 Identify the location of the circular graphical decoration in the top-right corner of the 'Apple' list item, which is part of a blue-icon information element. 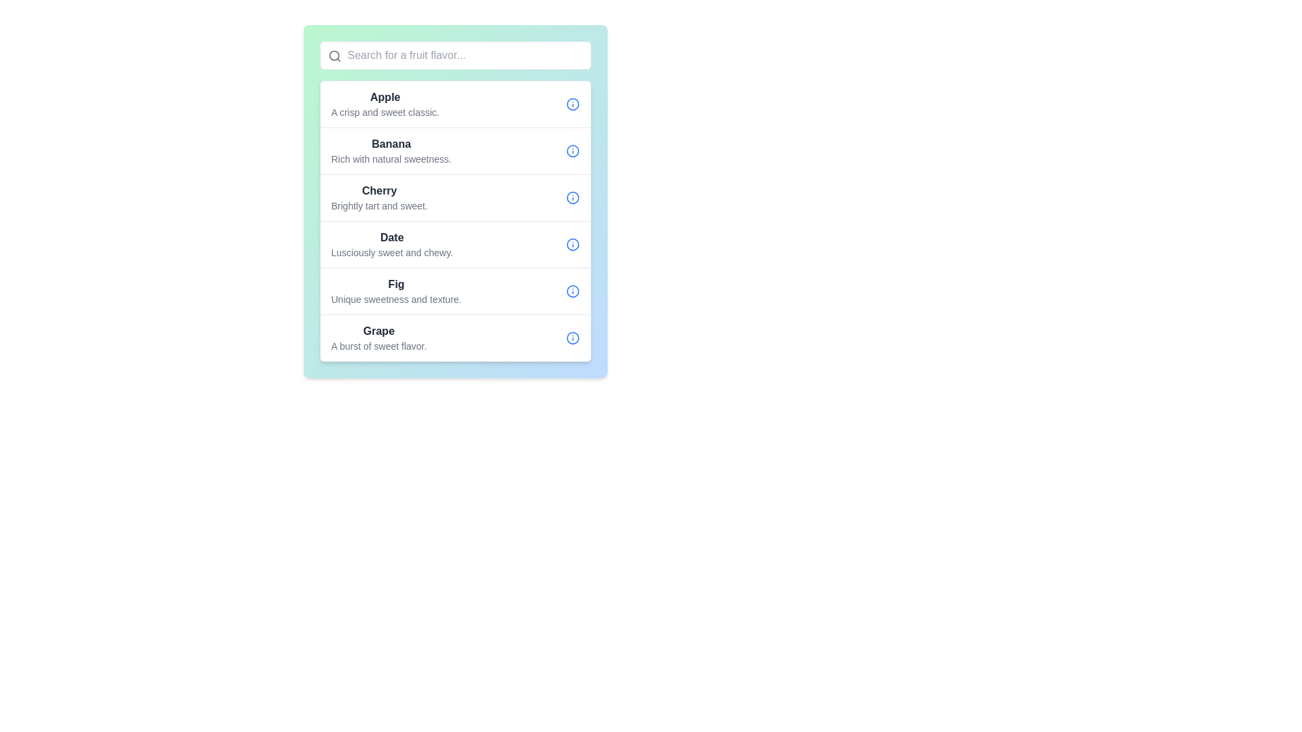
(572, 104).